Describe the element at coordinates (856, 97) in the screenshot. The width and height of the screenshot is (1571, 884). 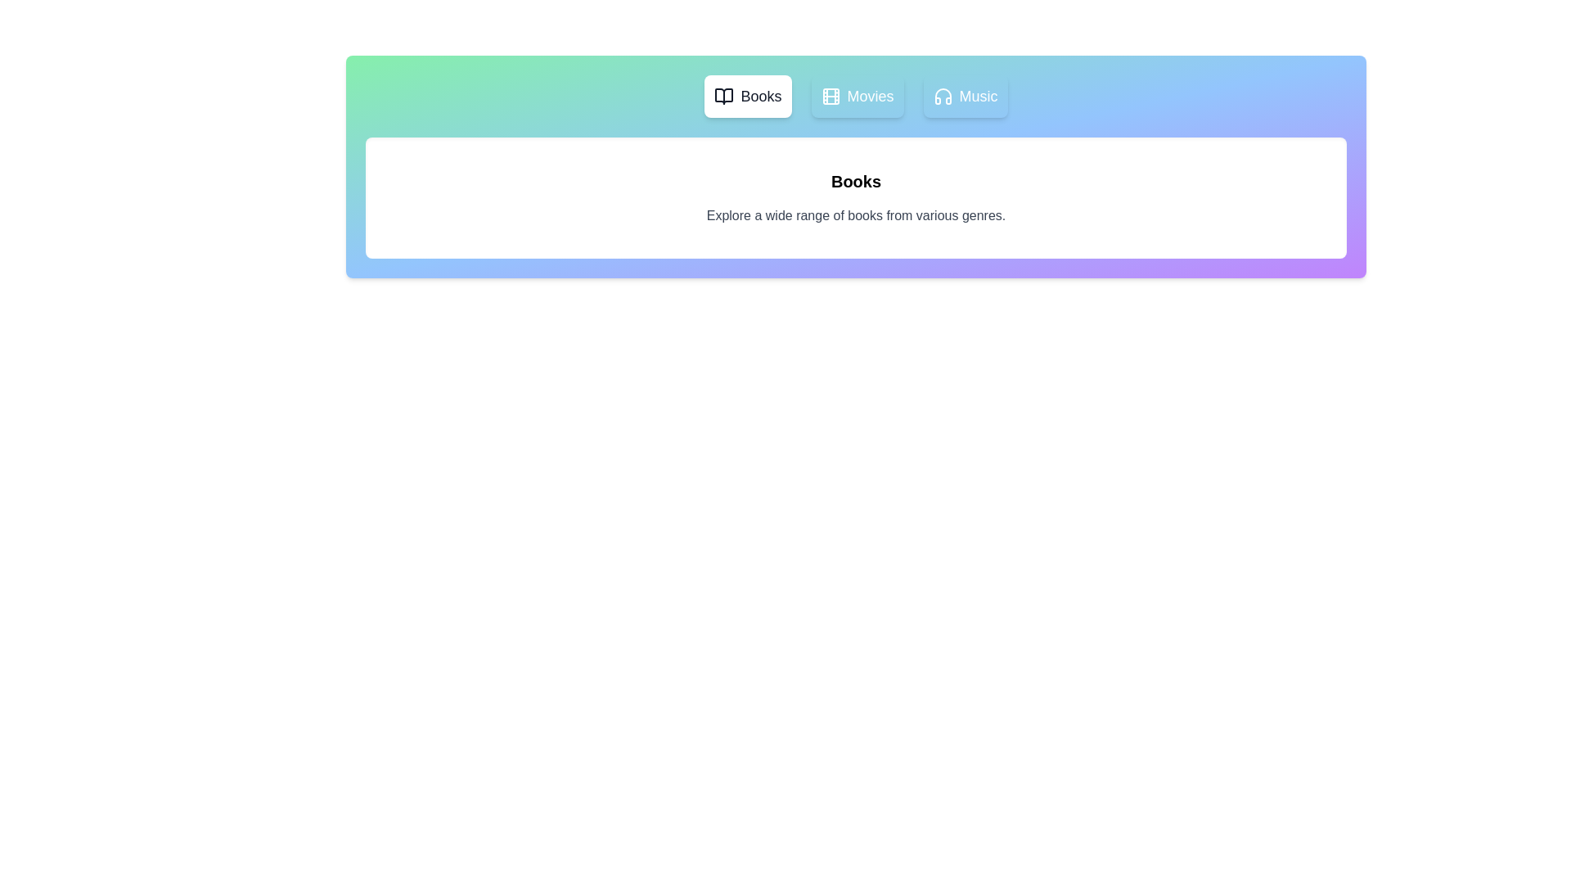
I see `the Movies tab to view its hover effect` at that location.